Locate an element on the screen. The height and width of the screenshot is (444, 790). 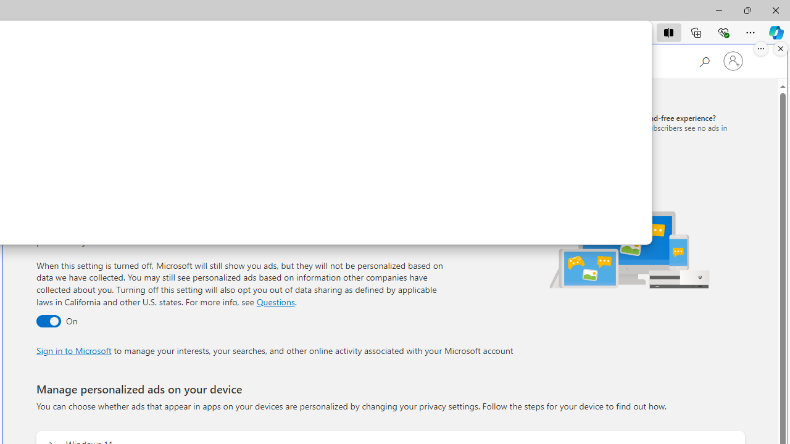
'Sign in to your account' is located at coordinates (733, 61).